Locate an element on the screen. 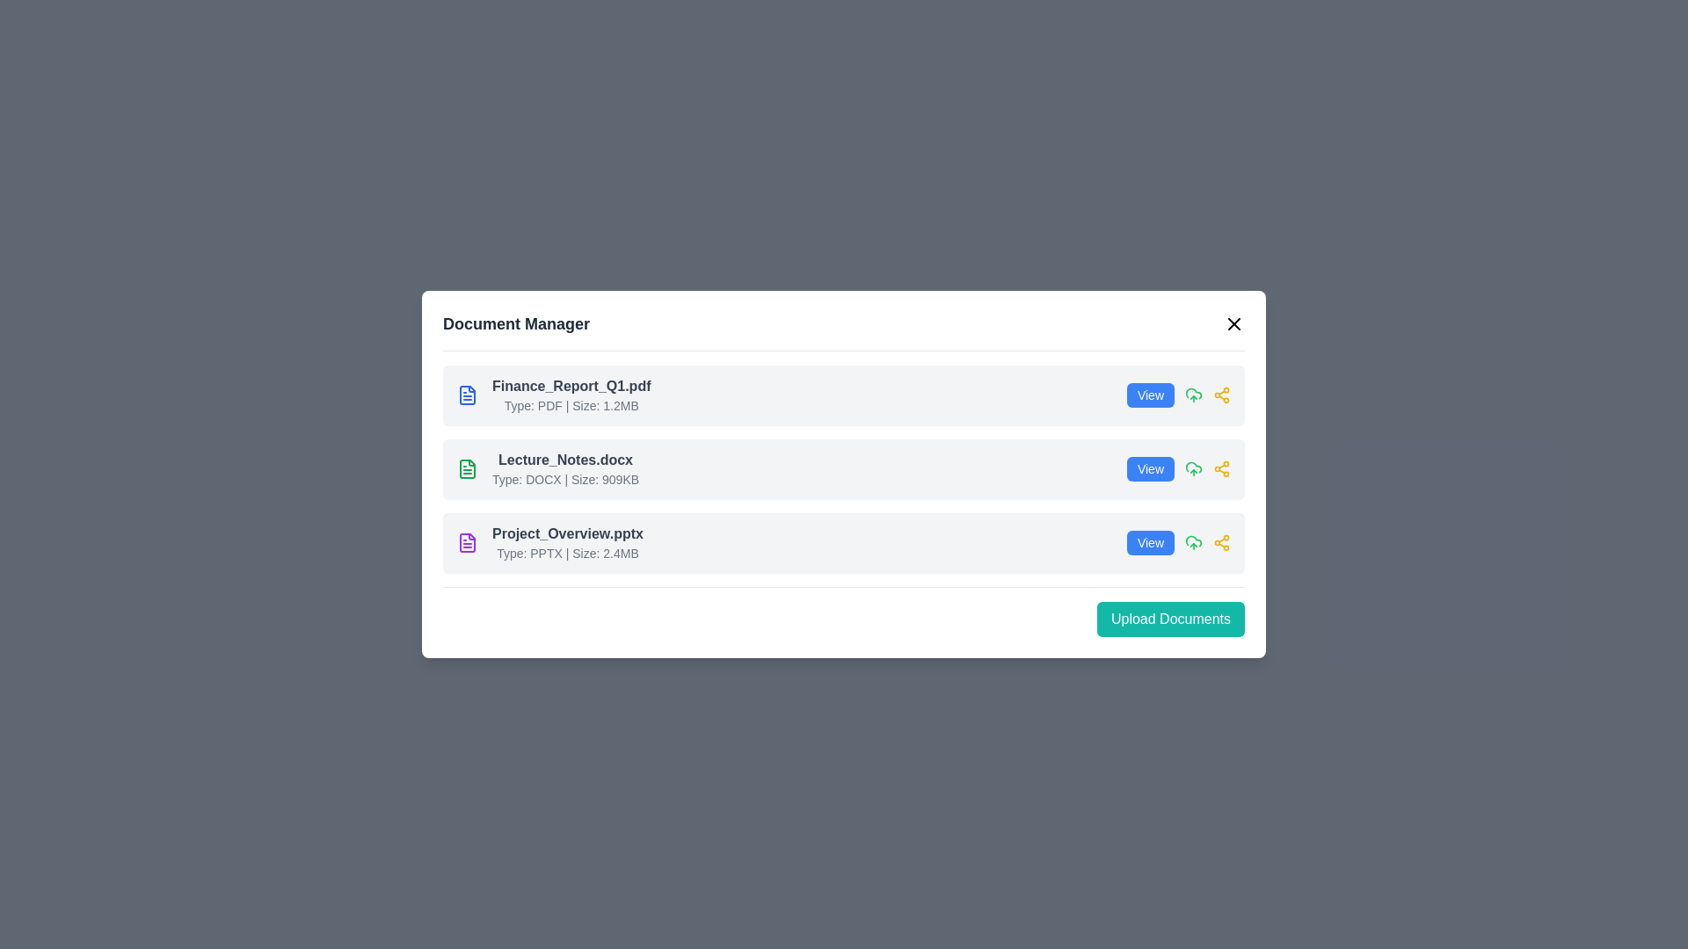 Image resolution: width=1688 pixels, height=949 pixels. the text label displaying the document's metadata, specifically the file type ('DOCX') and size ('909KB'), which is styled in a smaller gray font and located below the main document name ('Lecture_Notes.docx') is located at coordinates (565, 480).